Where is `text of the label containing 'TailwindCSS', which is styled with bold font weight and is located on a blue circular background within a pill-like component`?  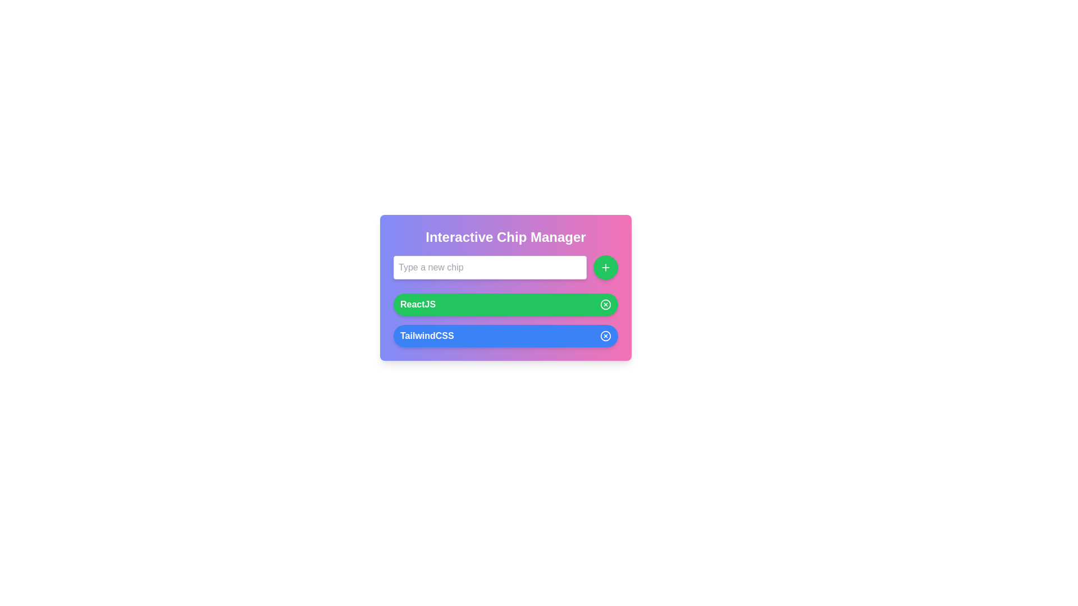 text of the label containing 'TailwindCSS', which is styled with bold font weight and is located on a blue circular background within a pill-like component is located at coordinates (426, 335).